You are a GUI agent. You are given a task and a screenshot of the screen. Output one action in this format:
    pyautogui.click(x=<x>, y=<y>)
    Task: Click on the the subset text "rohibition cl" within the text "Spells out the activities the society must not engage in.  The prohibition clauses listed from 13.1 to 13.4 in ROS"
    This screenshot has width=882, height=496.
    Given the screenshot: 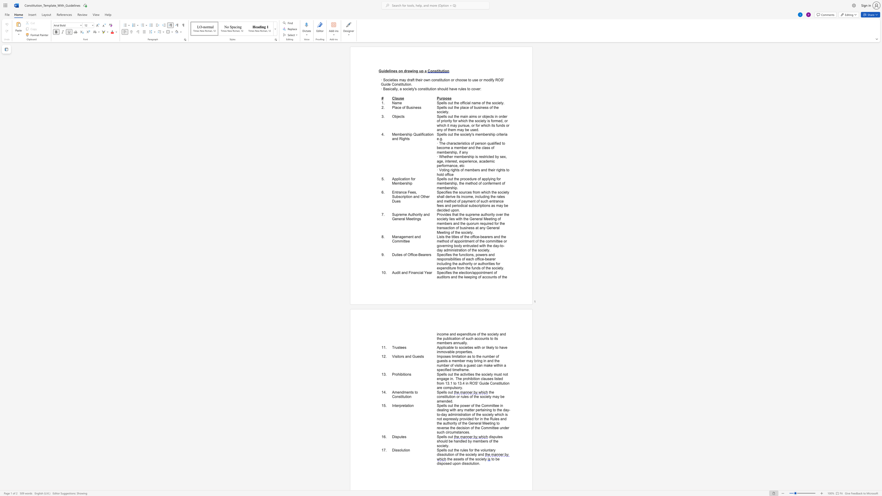 What is the action you would take?
    pyautogui.click(x=465, y=379)
    